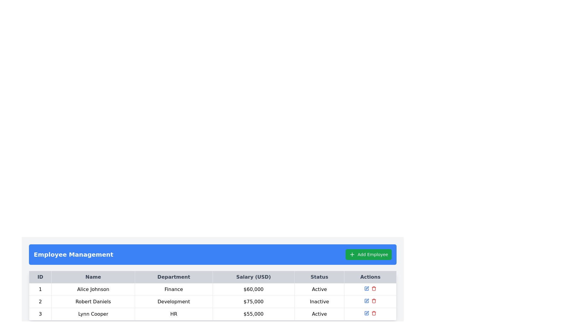  Describe the element at coordinates (373, 313) in the screenshot. I see `the delete button located in the 'Actions' column of the last row of the table` at that location.